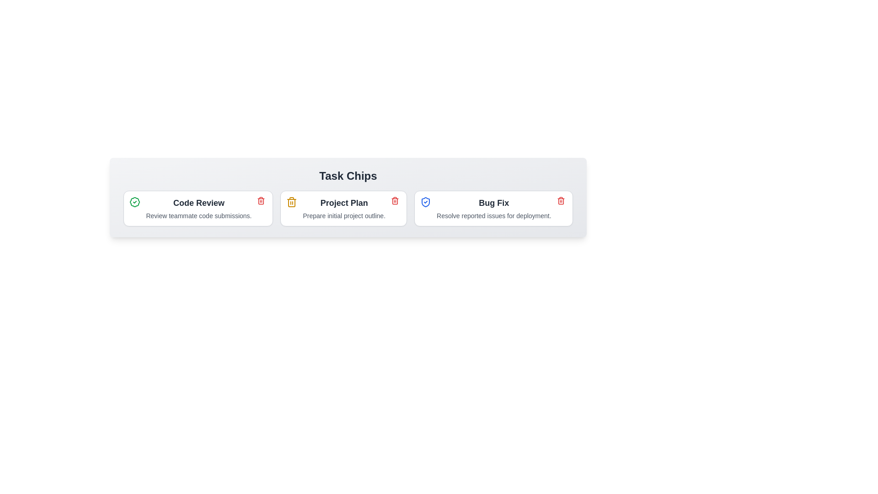  Describe the element at coordinates (493, 208) in the screenshot. I see `the task chip corresponding to Bug Fix` at that location.